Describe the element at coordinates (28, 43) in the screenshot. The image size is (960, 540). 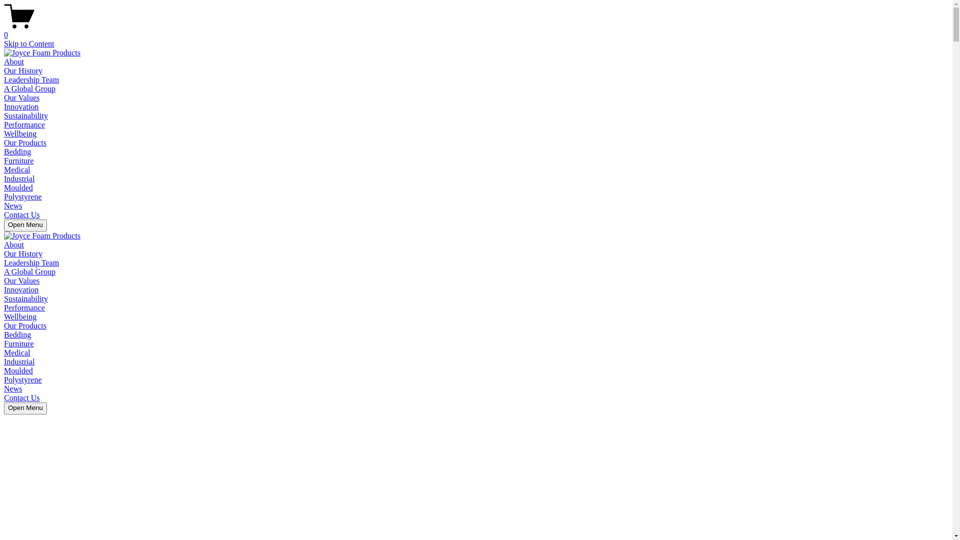
I see `'Skip to Content'` at that location.